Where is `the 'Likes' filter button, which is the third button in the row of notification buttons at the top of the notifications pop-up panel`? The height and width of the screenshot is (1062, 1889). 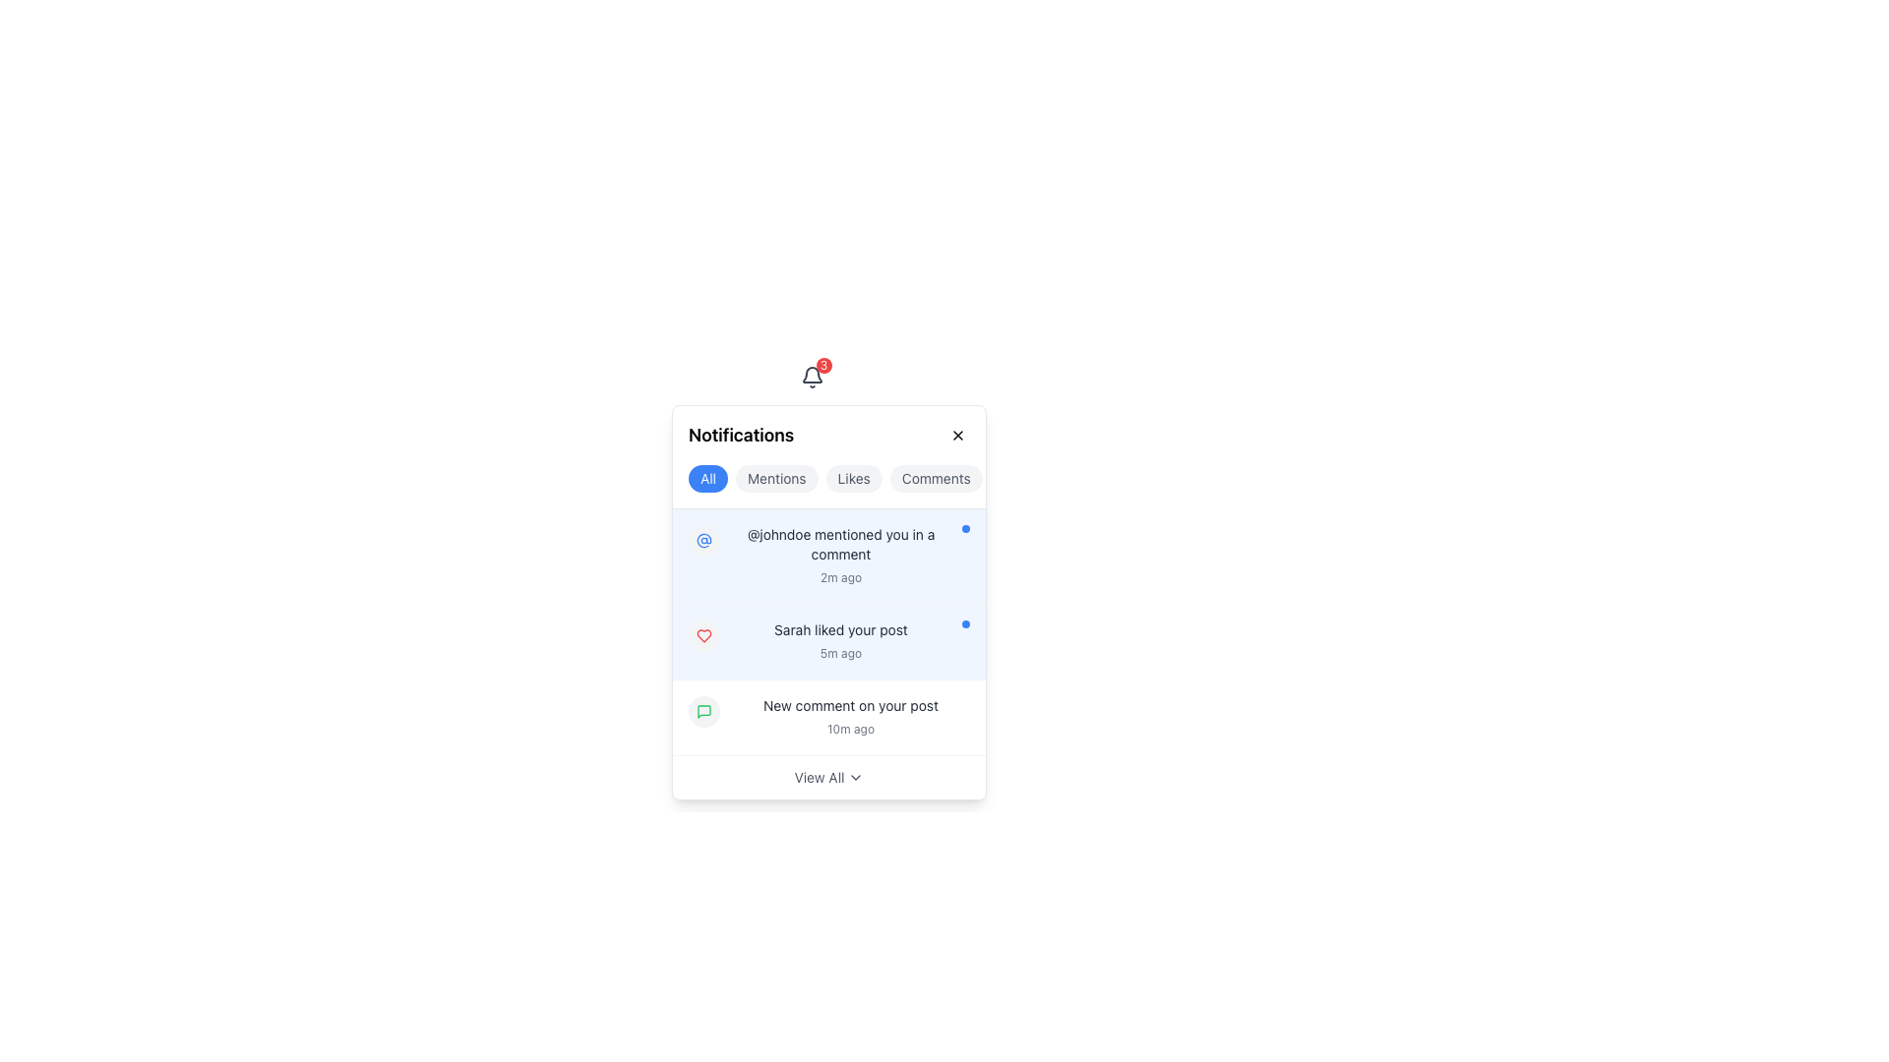 the 'Likes' filter button, which is the third button in the row of notification buttons at the top of the notifications pop-up panel is located at coordinates (854, 478).